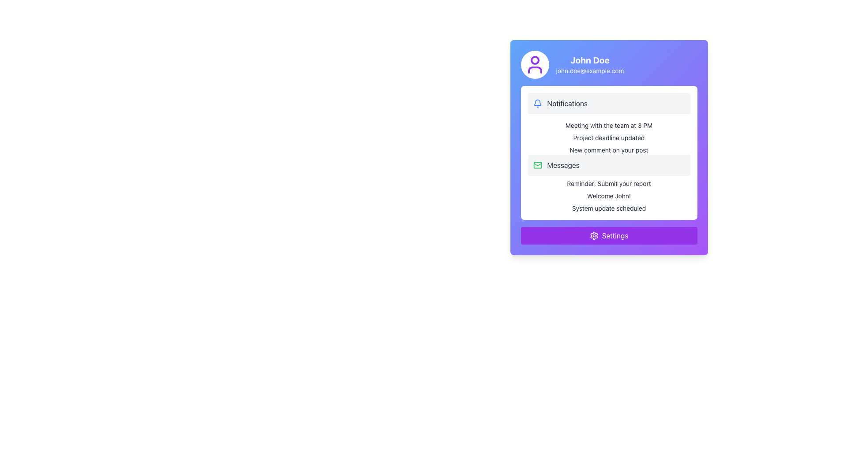 The image size is (847, 476). Describe the element at coordinates (608, 126) in the screenshot. I see `the text label that conveys a notification about a meeting scheduled at 3 PM, located in the notifications section above 'Project deadline updated'` at that location.